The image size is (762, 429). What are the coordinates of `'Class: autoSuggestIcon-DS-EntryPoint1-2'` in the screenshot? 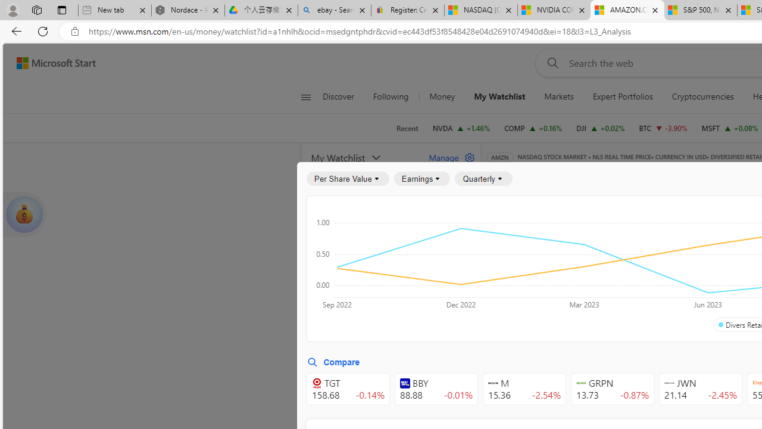 It's located at (669, 383).